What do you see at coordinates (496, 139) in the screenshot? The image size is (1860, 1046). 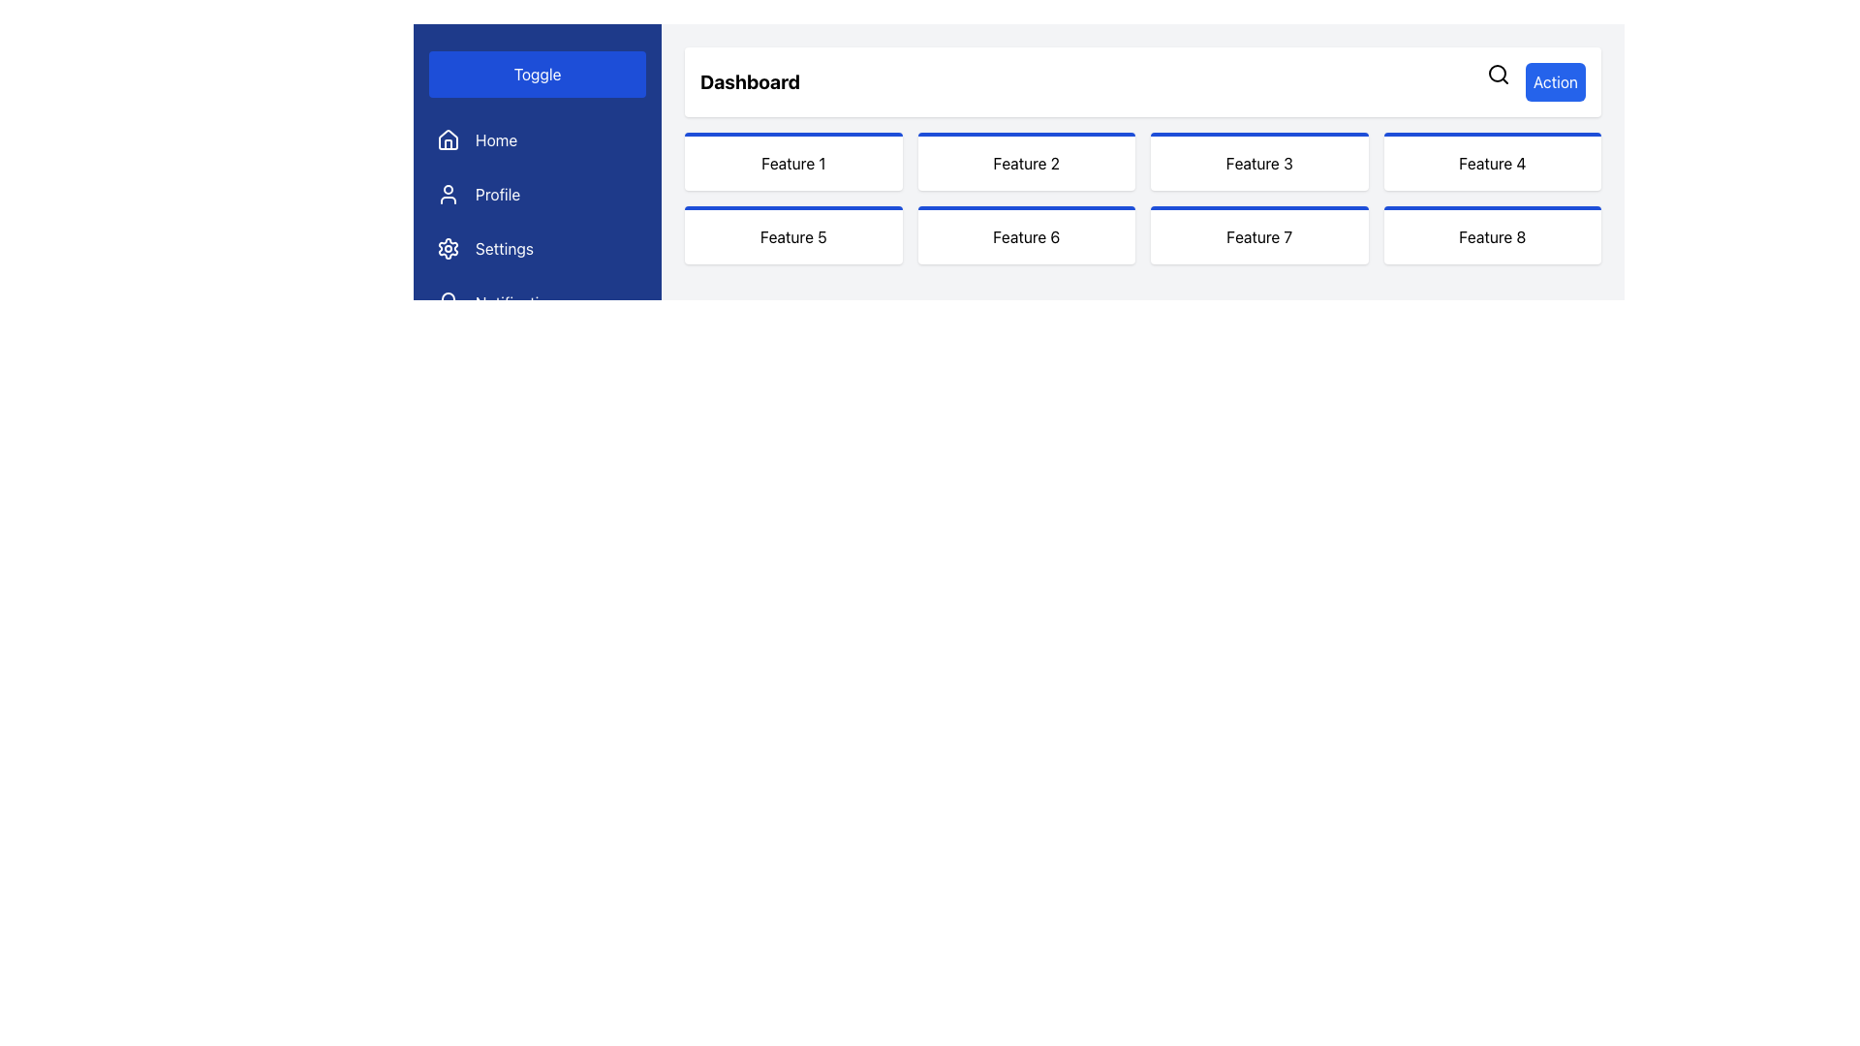 I see `the 'Home' text label which is displayed in white within a blue rectangular area, positioned to the right of a house icon in the vertical navigation bar` at bounding box center [496, 139].